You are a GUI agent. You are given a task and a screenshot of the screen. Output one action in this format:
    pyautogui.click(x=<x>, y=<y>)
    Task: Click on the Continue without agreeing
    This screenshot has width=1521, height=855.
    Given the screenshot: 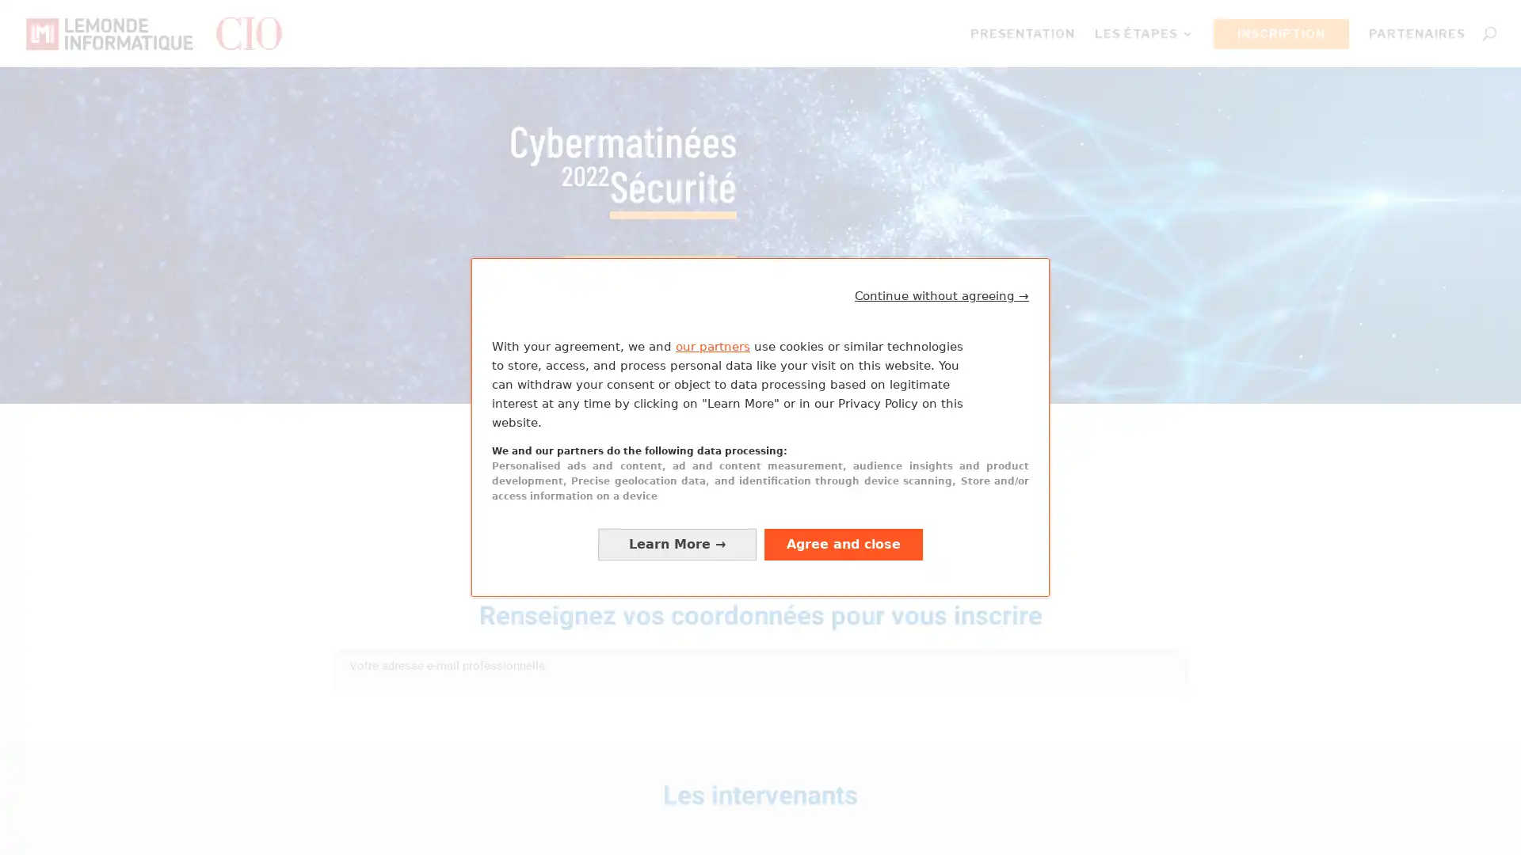 What is the action you would take?
    pyautogui.click(x=942, y=295)
    